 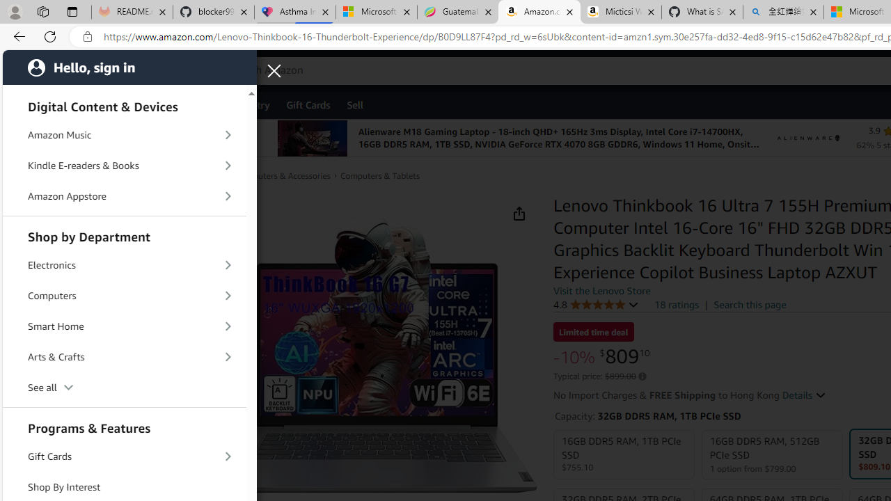 I want to click on 'Digital Content & Devices', so click(x=125, y=104).